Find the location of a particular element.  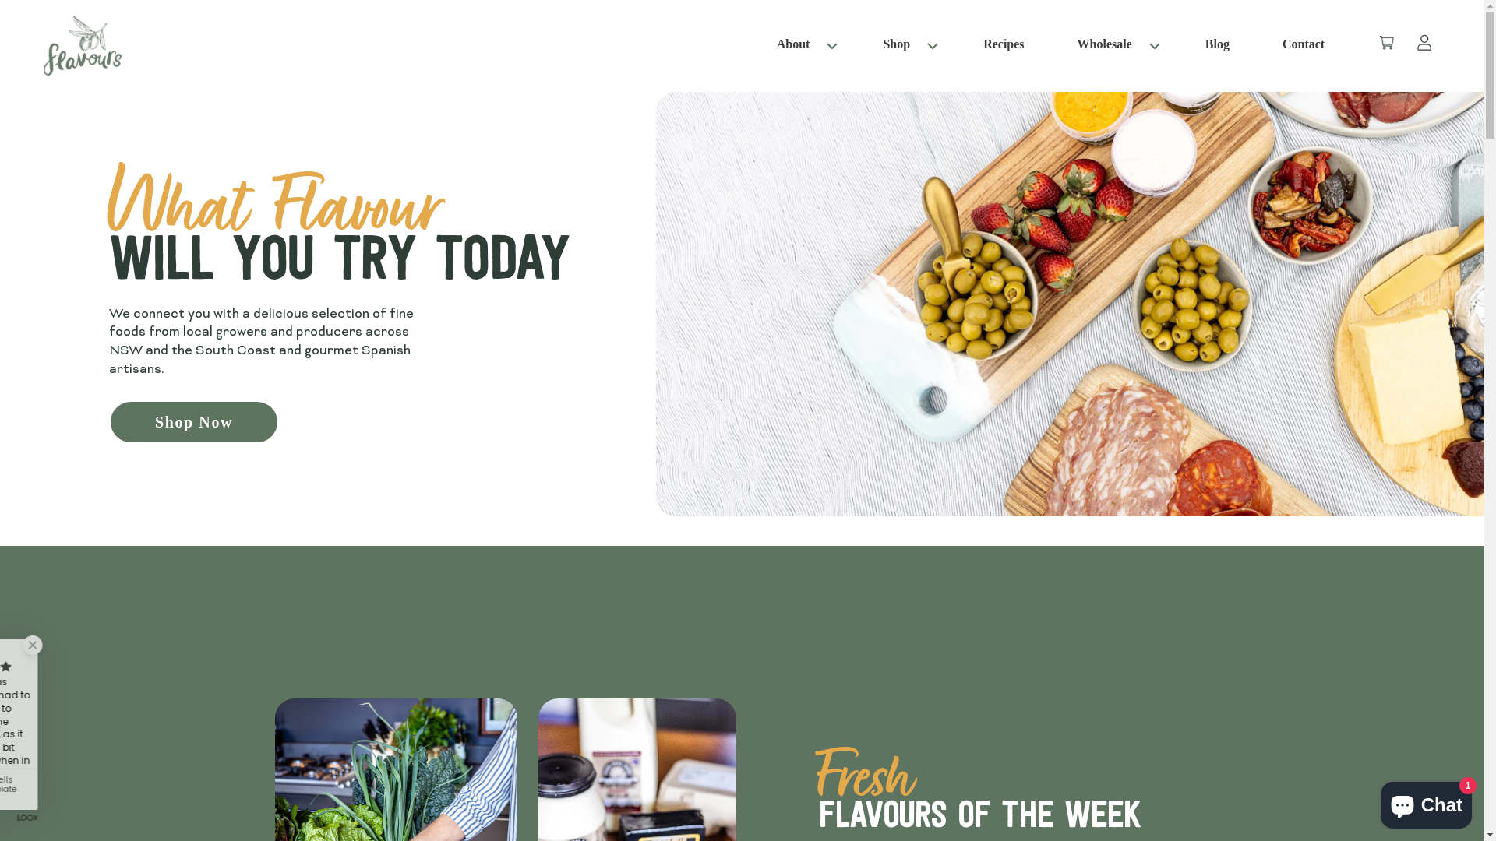

'Shop' is located at coordinates (896, 43).